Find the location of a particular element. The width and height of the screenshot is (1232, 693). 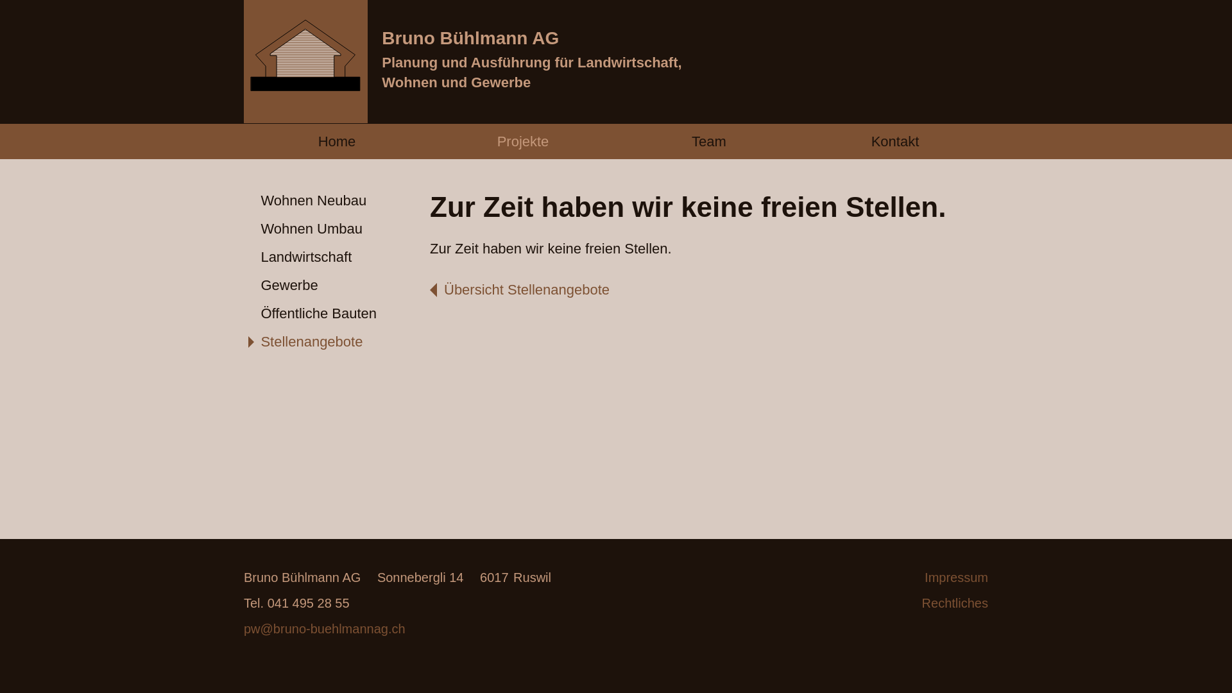

'Team' is located at coordinates (708, 141).